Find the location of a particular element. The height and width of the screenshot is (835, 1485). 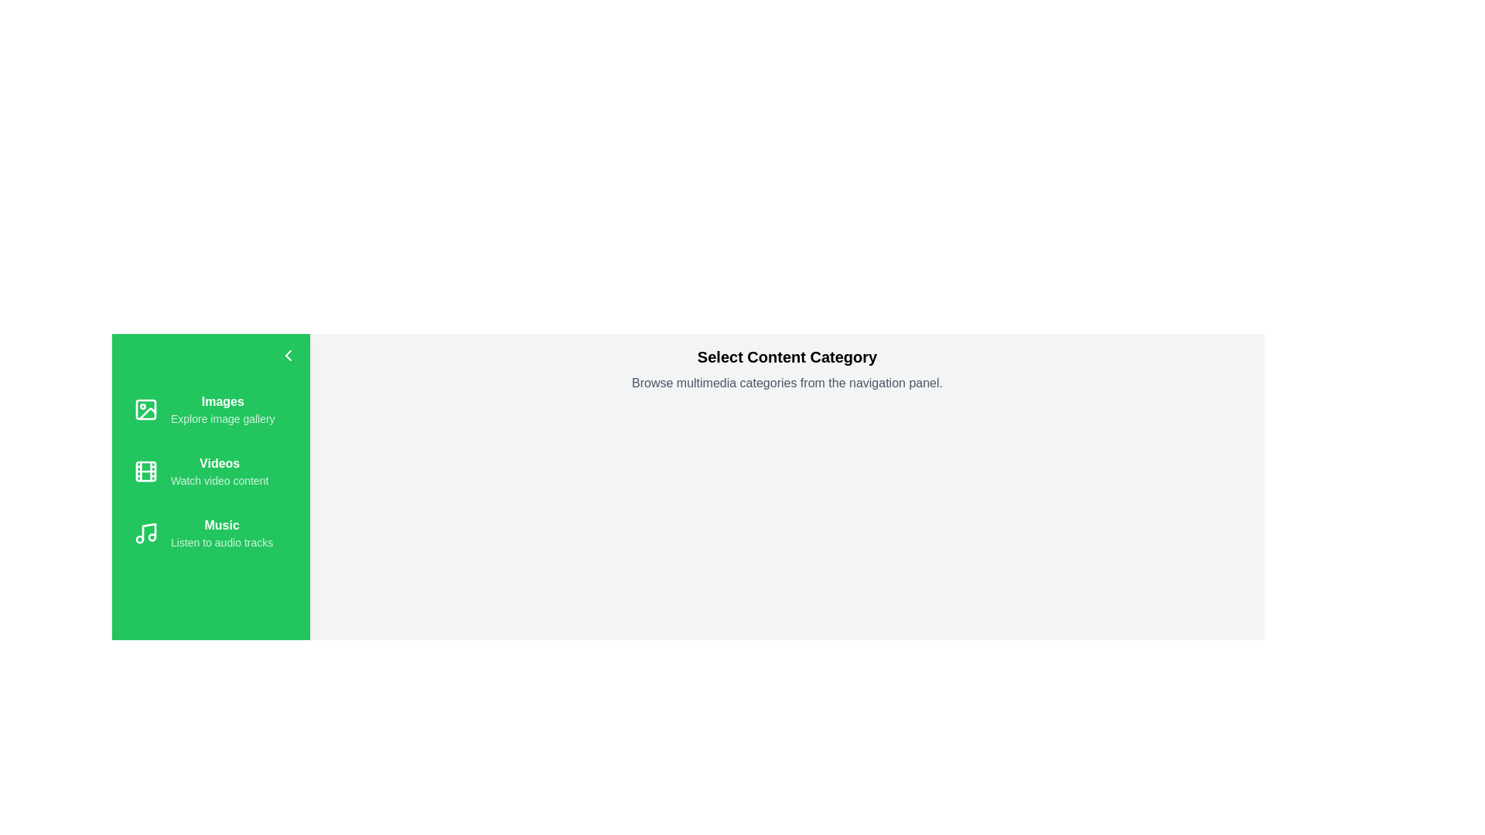

the icon for Music in the navigation drawer is located at coordinates (145, 533).